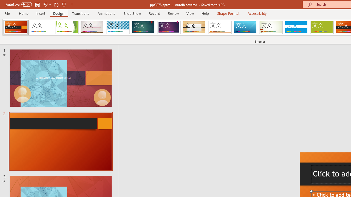 This screenshot has width=351, height=197. What do you see at coordinates (228, 13) in the screenshot?
I see `'Shape Format'` at bounding box center [228, 13].